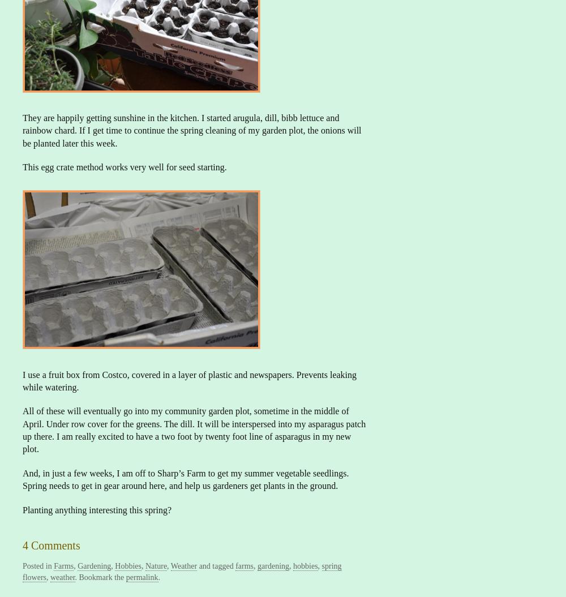  What do you see at coordinates (23, 130) in the screenshot?
I see `'They are happily getting sunshine in the kitchen. I started arugula, dill, bibb lettuce and rainbow chard. If I get time to continue the spring cleaning of my garden plot, the onions will be planted later this week.'` at bounding box center [23, 130].